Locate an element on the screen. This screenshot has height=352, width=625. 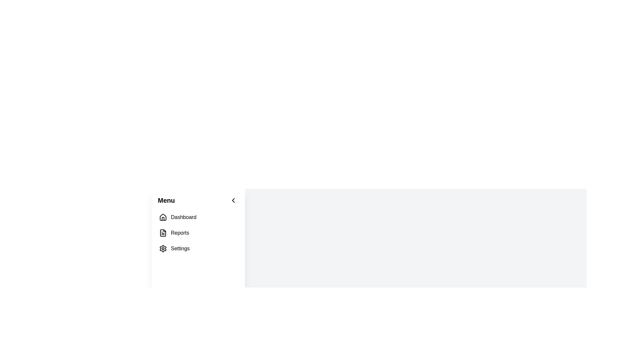
the second menu item in the vertical list is located at coordinates (198, 232).